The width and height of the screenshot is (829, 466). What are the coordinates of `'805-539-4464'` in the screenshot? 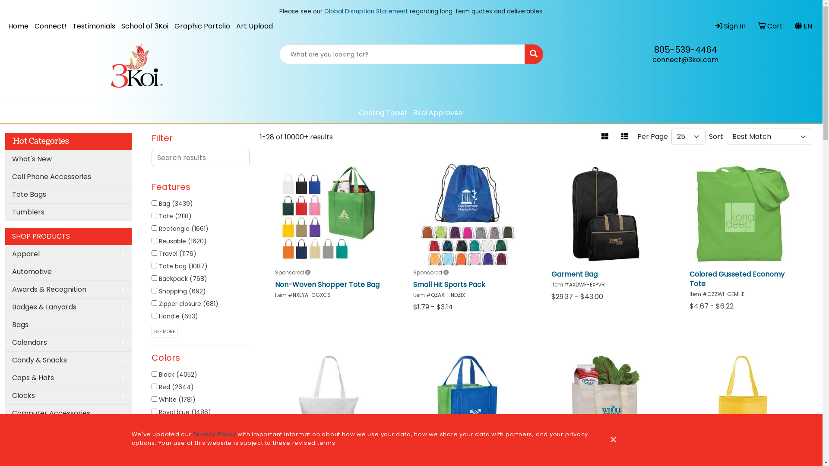 It's located at (685, 50).